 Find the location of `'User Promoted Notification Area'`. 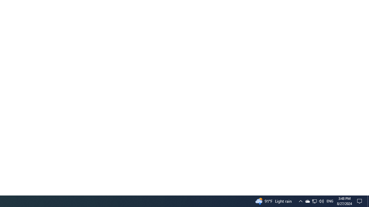

'User Promoted Notification Area' is located at coordinates (314, 201).